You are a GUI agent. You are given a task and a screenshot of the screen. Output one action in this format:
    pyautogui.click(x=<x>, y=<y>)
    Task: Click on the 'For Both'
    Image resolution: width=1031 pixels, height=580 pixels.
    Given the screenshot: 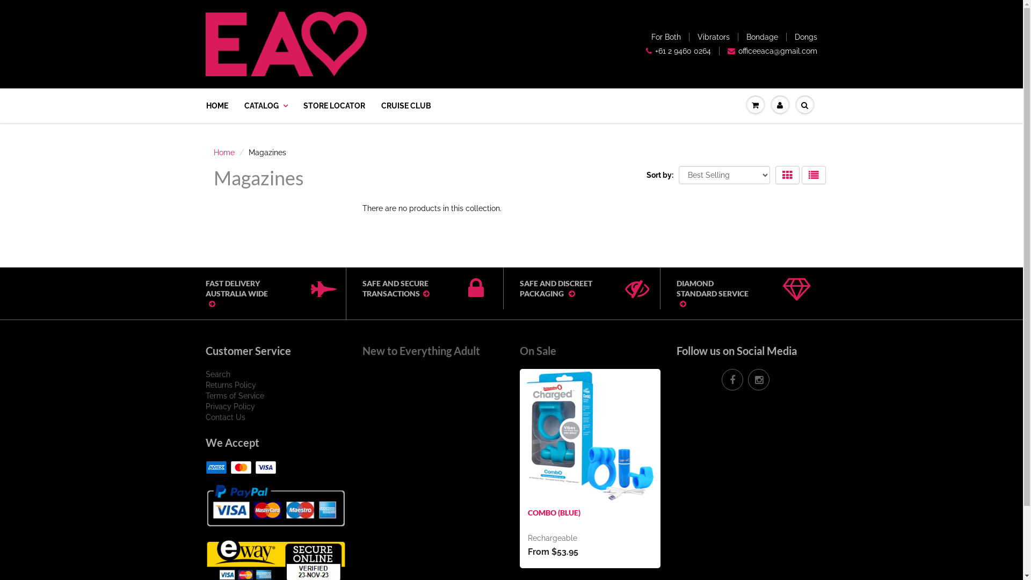 What is the action you would take?
    pyautogui.click(x=665, y=37)
    